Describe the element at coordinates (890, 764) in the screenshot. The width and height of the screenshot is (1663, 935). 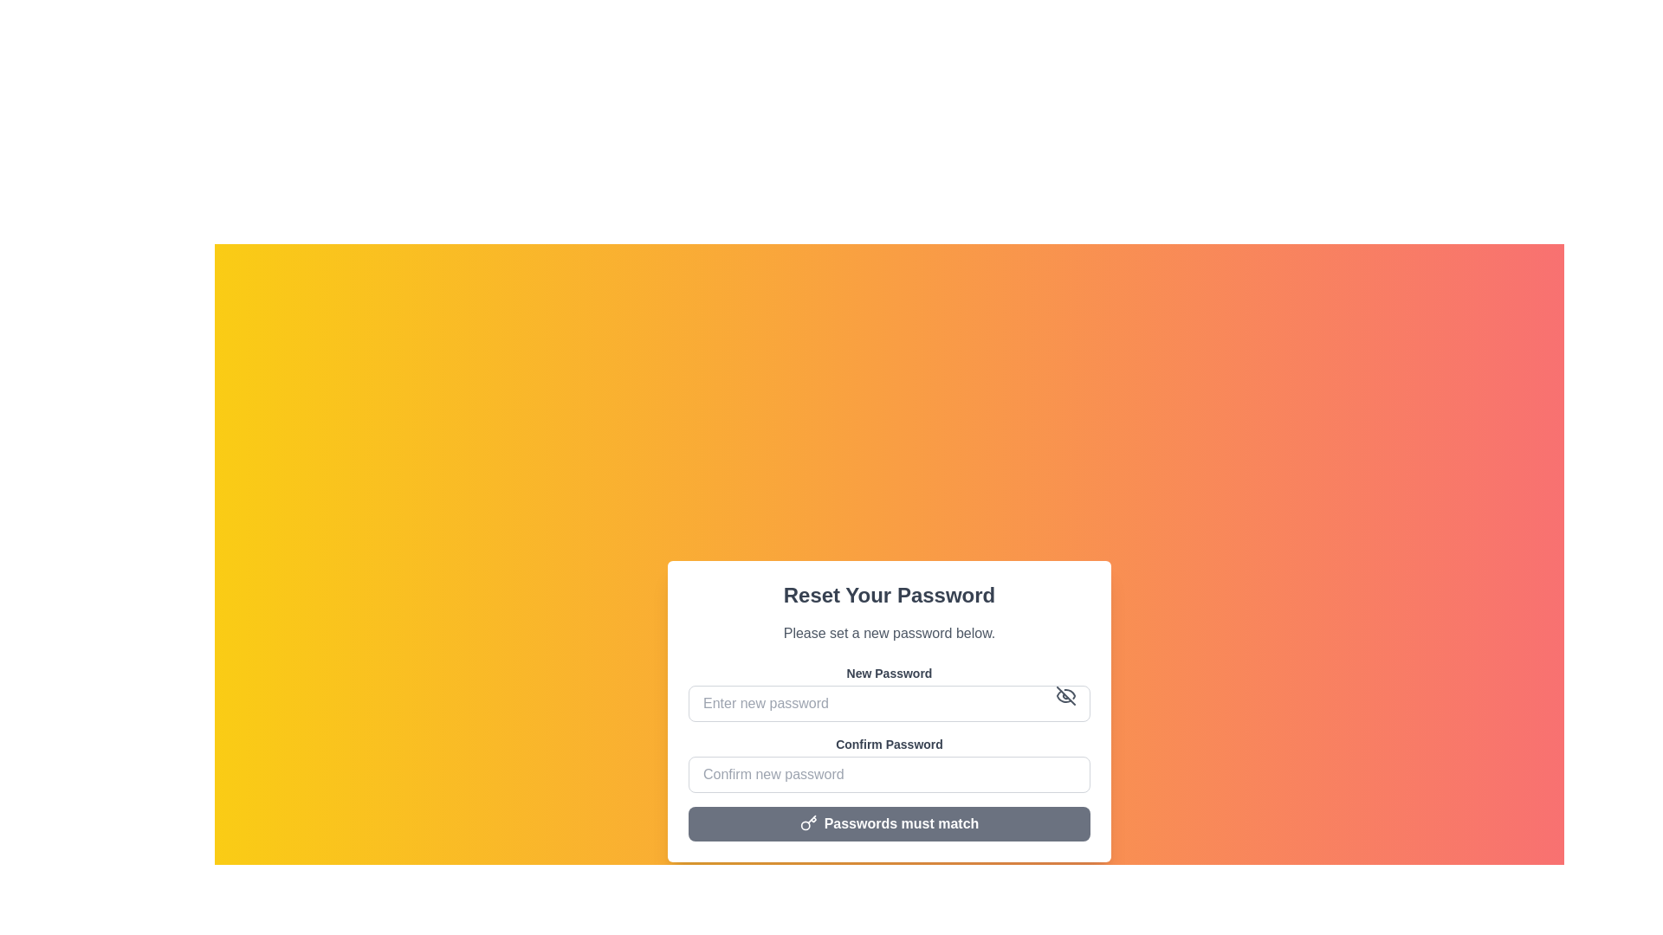
I see `the 'Confirm Password' input field, which features a light gray border and a placeholder reading 'Confirm new password', to observe potential interactive effects` at that location.